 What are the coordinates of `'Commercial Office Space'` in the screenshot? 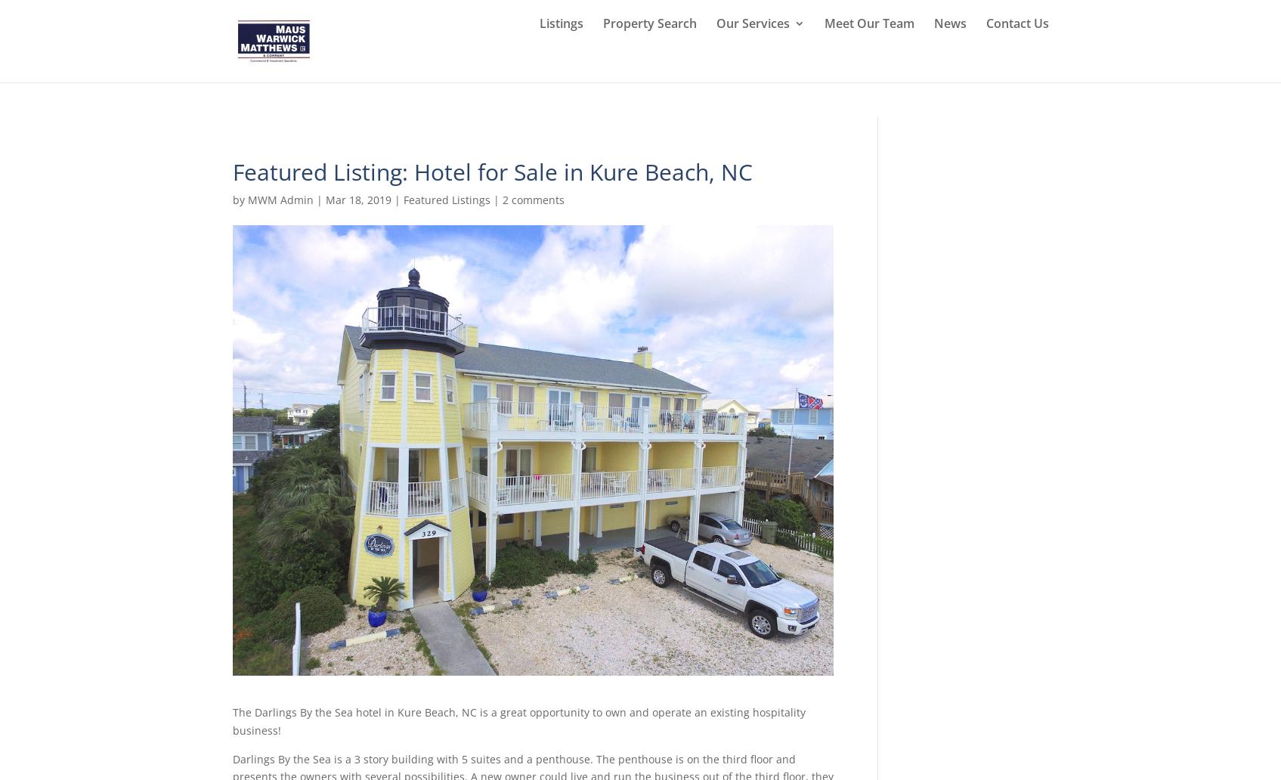 It's located at (799, 387).